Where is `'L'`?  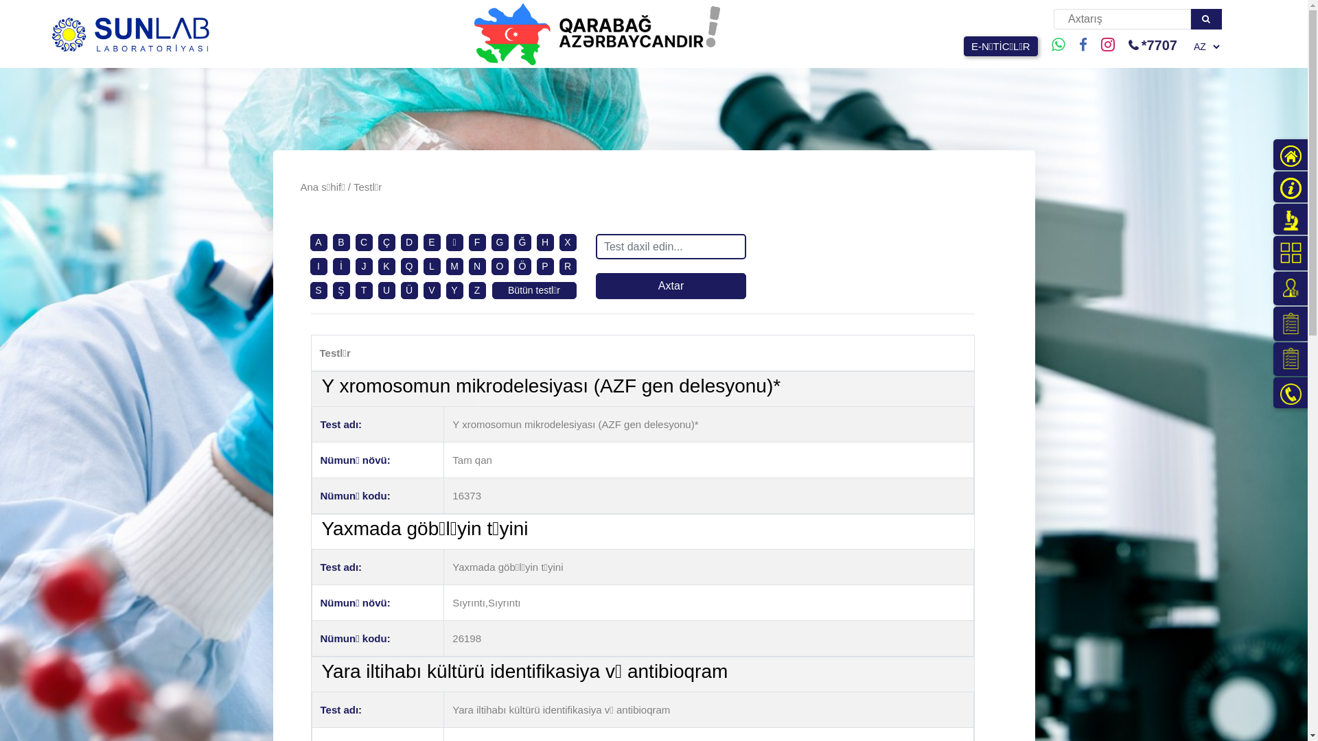 'L' is located at coordinates (428, 266).